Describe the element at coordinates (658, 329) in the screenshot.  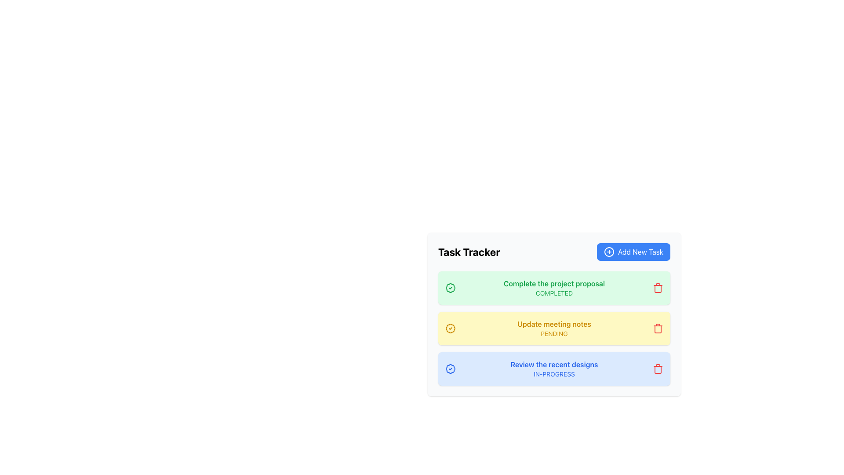
I see `the delete button located at the rightmost position in the yellow-highlighted 'Update meeting notes' task row, next to the text 'PENDING'` at that location.